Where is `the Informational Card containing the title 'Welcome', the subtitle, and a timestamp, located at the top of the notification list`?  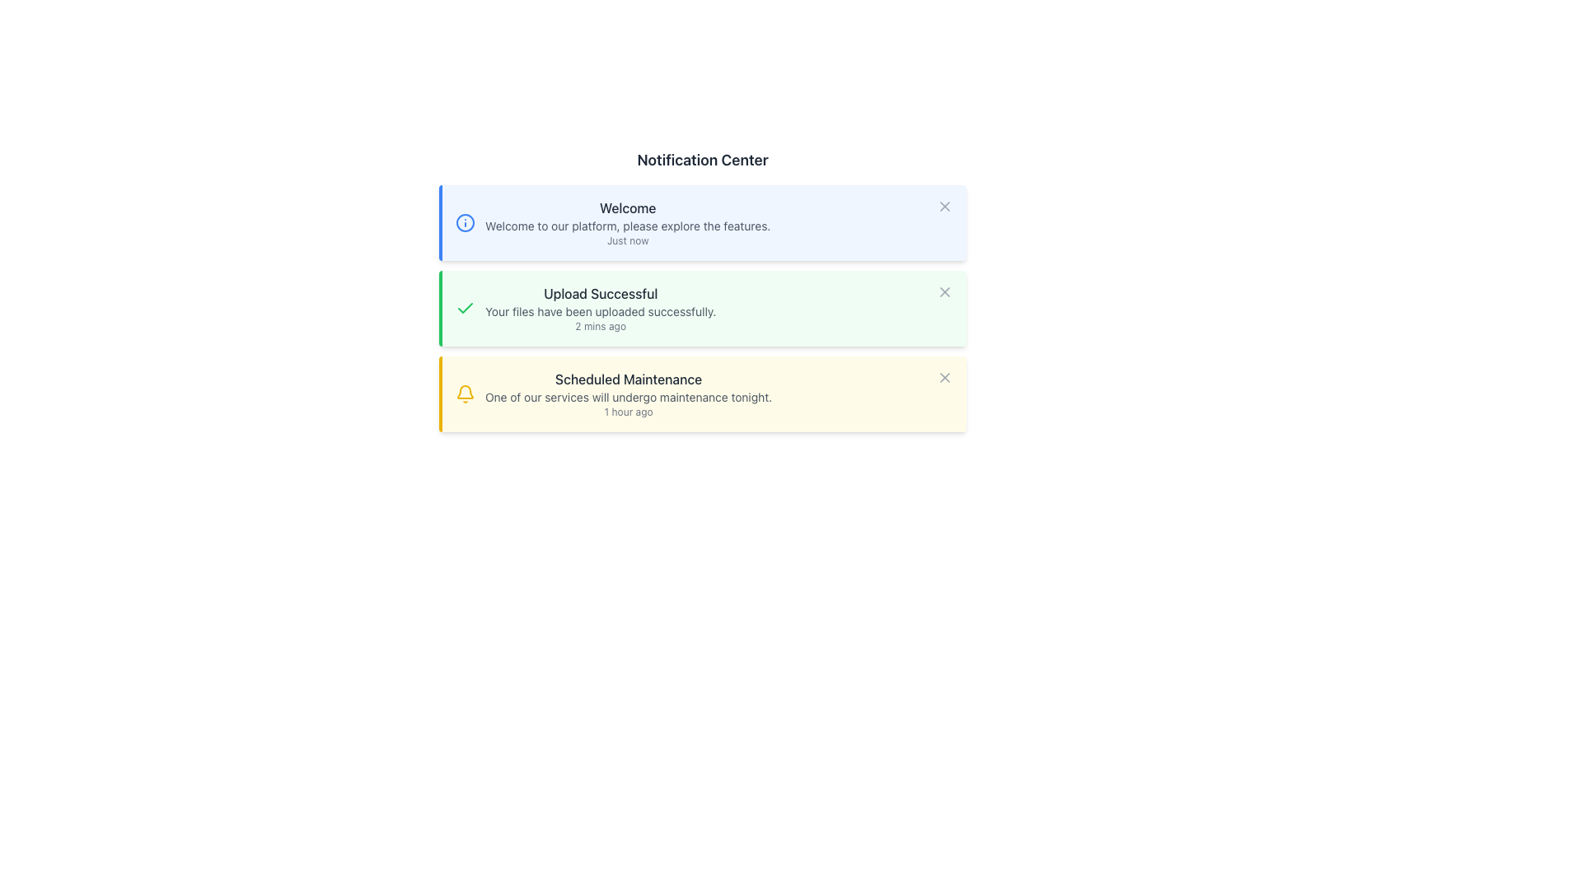 the Informational Card containing the title 'Welcome', the subtitle, and a timestamp, located at the top of the notification list is located at coordinates (612, 222).